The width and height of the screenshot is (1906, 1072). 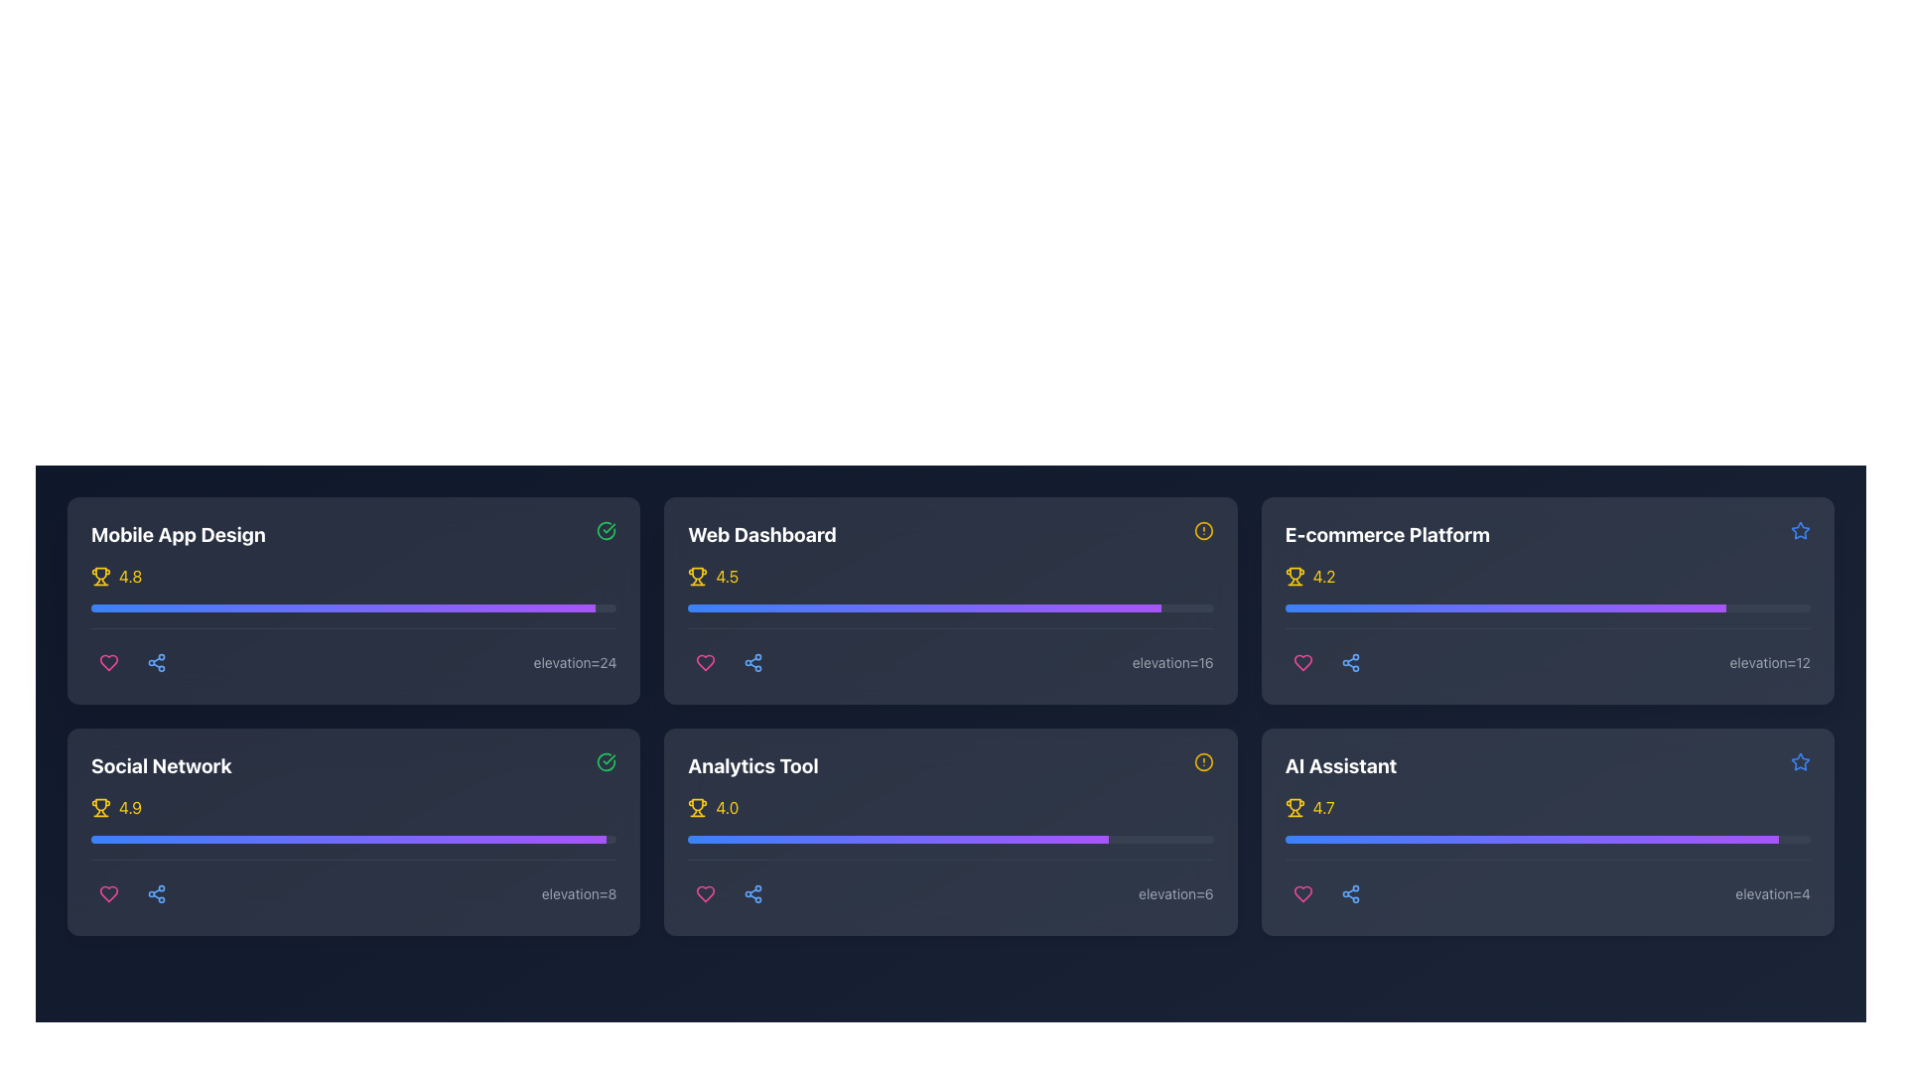 What do you see at coordinates (129, 577) in the screenshot?
I see `the yellow-colored text label displaying the value '4.8', which is prominently styled in bold font and located inside the 'Mobile App Design' card, immediately to the right of a trophy icon` at bounding box center [129, 577].